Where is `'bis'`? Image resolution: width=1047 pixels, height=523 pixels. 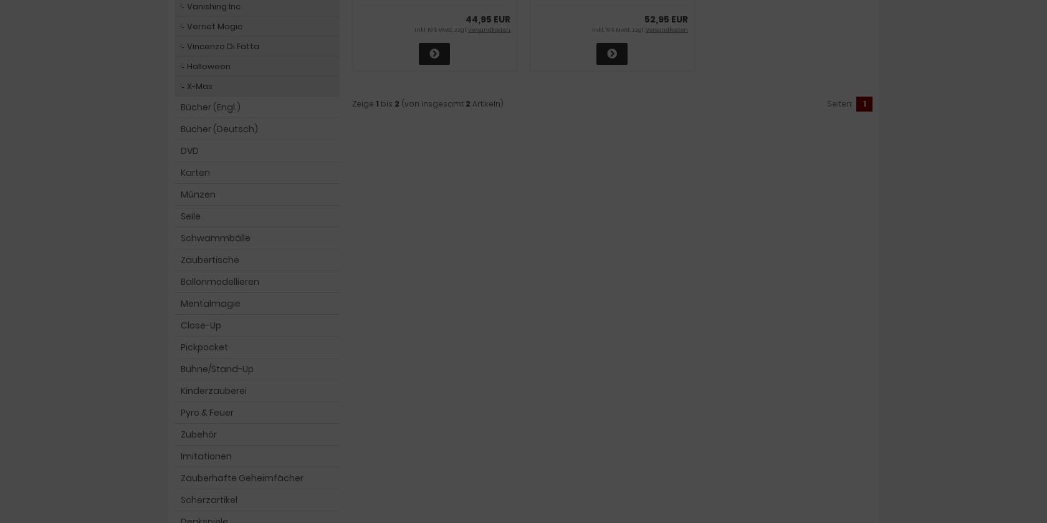
'bis' is located at coordinates (386, 103).